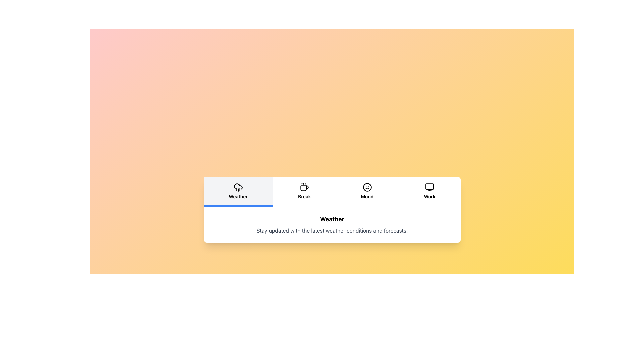  Describe the element at coordinates (367, 191) in the screenshot. I see `the 'Mood' menu item, which features a smiling face icon above the bold text 'Mood', located in the middle of the horizontal menu bar as the third item from the left` at that location.